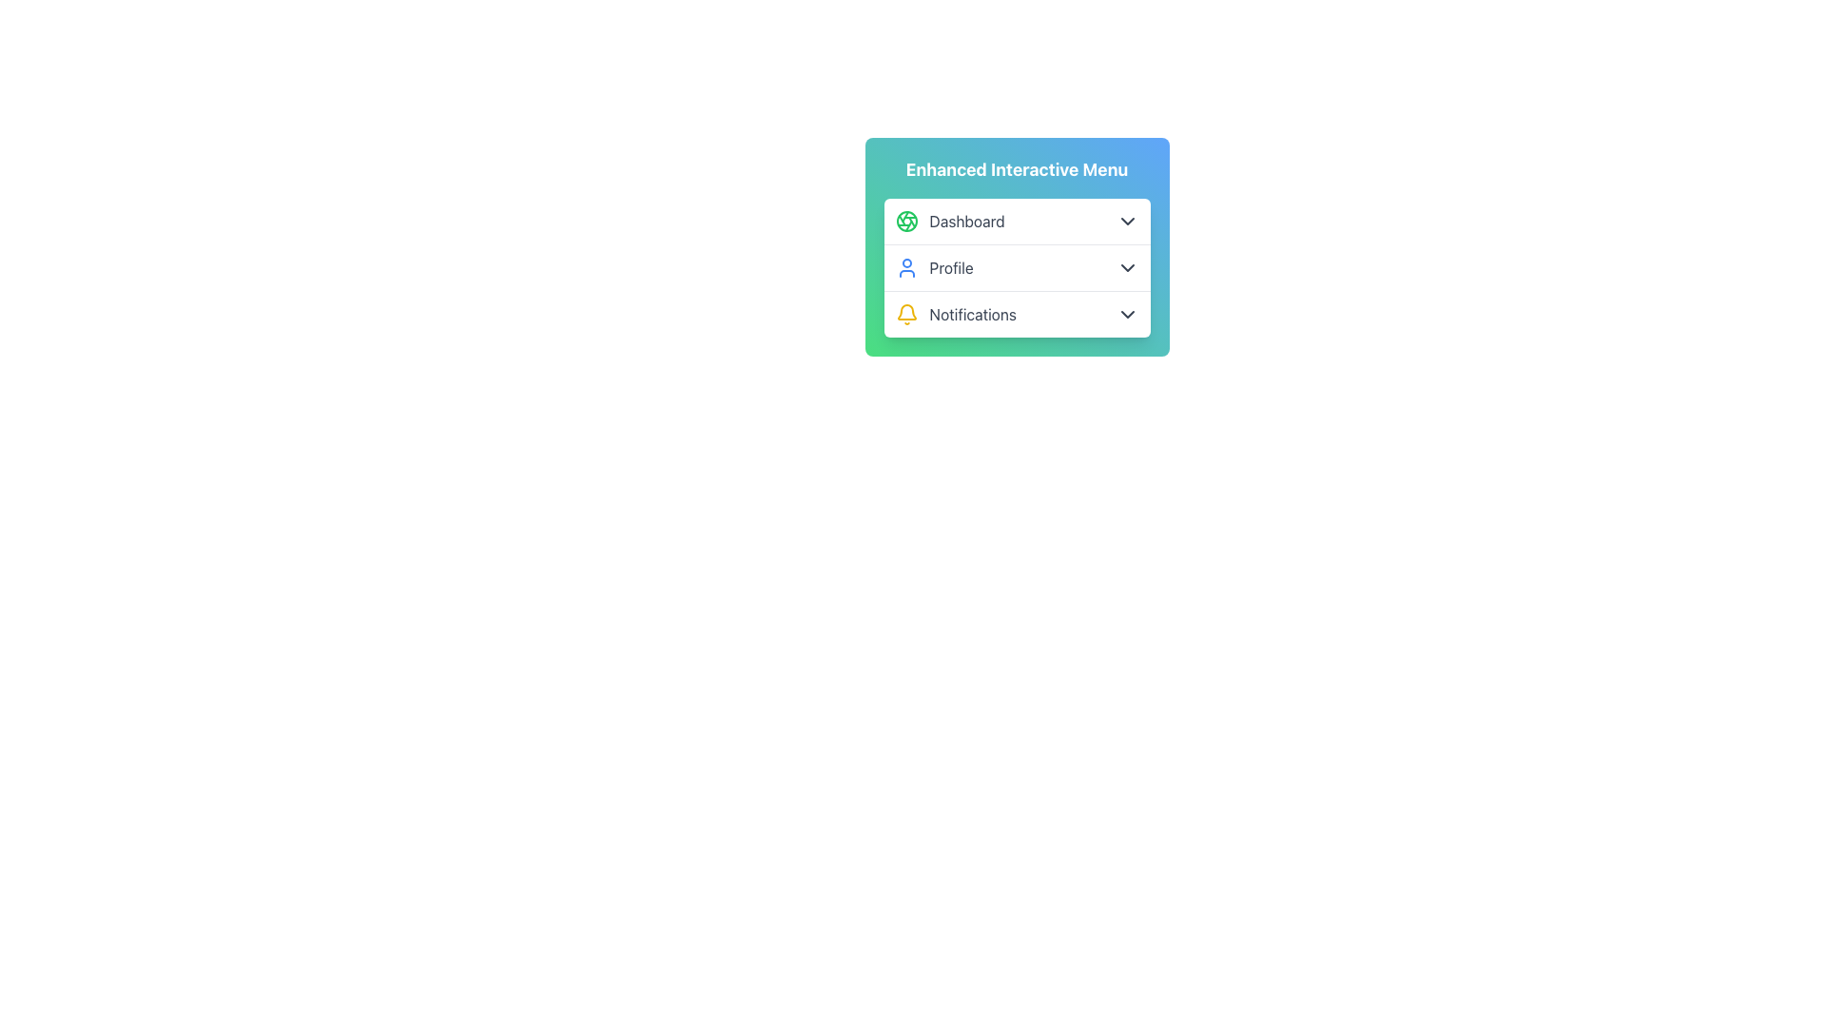 The width and height of the screenshot is (1826, 1027). What do you see at coordinates (1127, 220) in the screenshot?
I see `the downward-pointing chevron icon located to the right of the 'Dashboard' label in the dropdown menu` at bounding box center [1127, 220].